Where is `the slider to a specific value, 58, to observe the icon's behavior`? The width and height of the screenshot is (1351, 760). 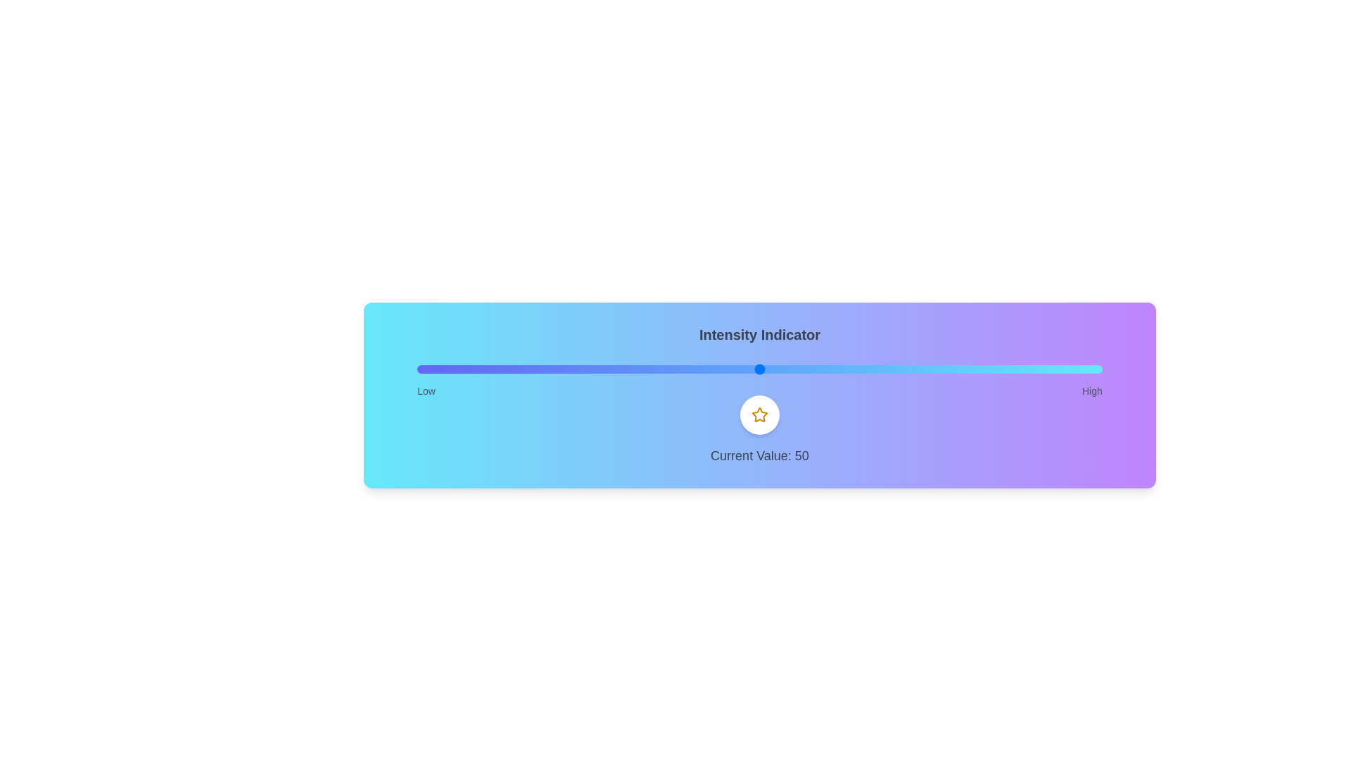
the slider to a specific value, 58, to observe the icon's behavior is located at coordinates (814, 368).